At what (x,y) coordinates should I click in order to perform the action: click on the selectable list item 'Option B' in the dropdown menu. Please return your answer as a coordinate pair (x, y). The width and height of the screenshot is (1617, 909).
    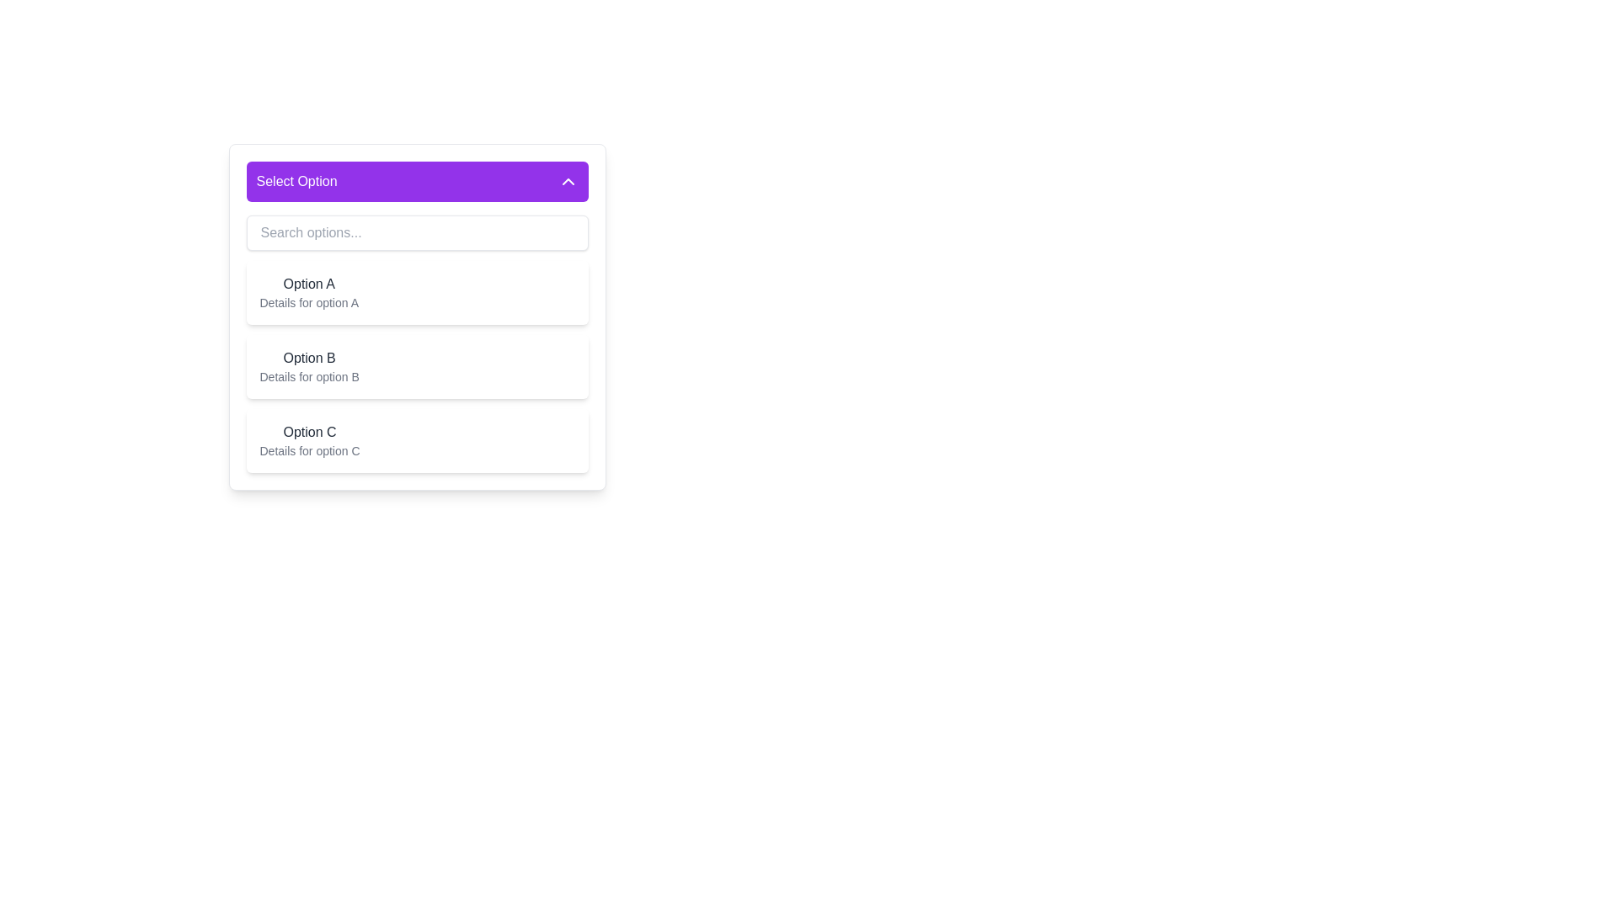
    Looking at the image, I should click on (309, 365).